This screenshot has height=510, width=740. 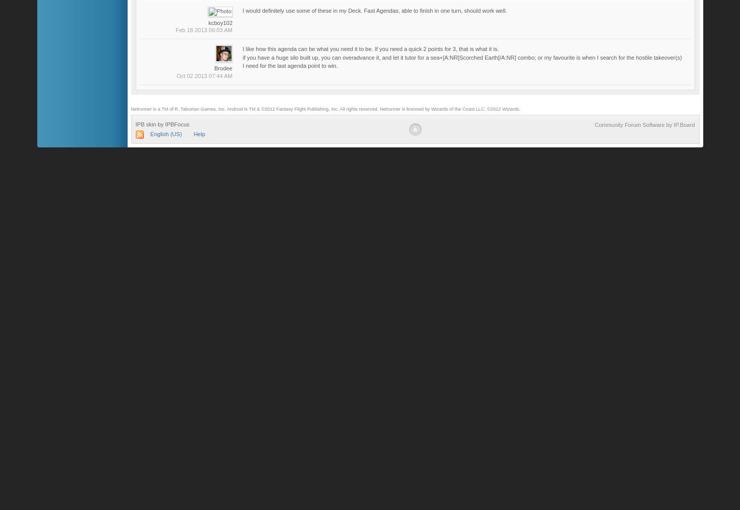 I want to click on 'English (US)', so click(x=150, y=134).